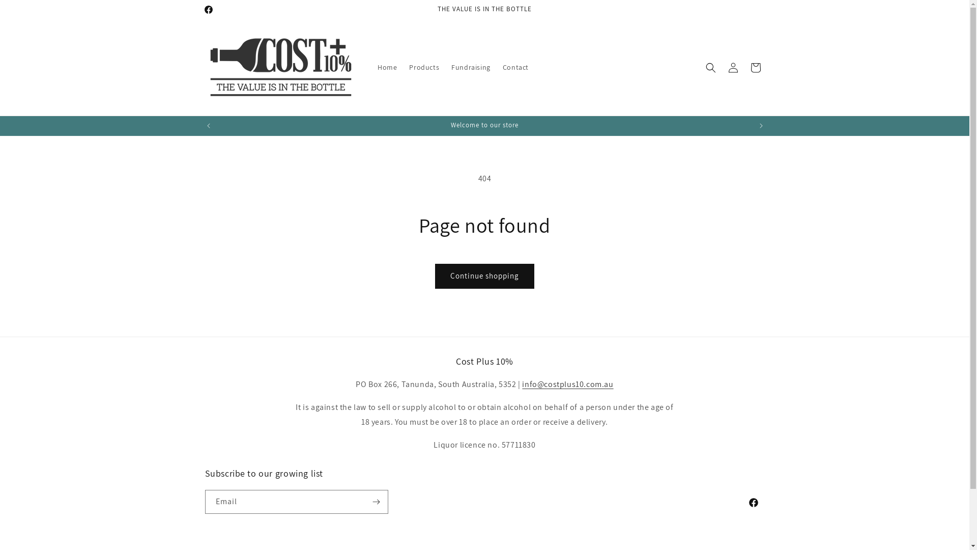  What do you see at coordinates (484, 276) in the screenshot?
I see `'Continue shopping'` at bounding box center [484, 276].